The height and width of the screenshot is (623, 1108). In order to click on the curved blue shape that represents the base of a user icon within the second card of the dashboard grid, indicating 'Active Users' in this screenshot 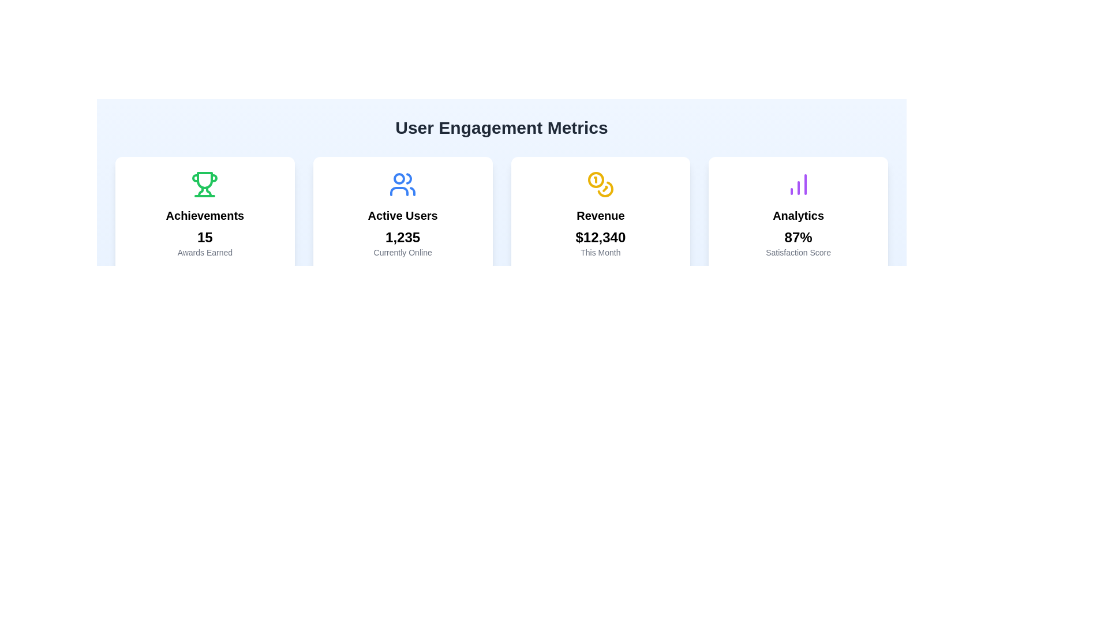, I will do `click(399, 190)`.